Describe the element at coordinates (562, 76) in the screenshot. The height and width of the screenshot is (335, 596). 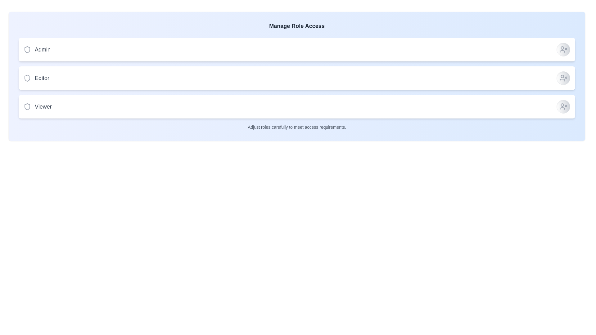
I see `the graphical component of the circular element within the SVG on the right end of the 'Editor' row in the 'Manage Role Access' interface` at that location.